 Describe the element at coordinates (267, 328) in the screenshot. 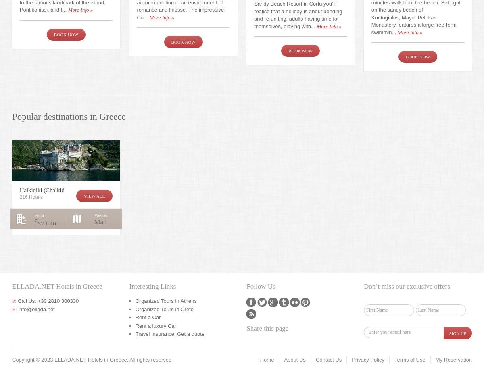

I see `'Share this page'` at that location.